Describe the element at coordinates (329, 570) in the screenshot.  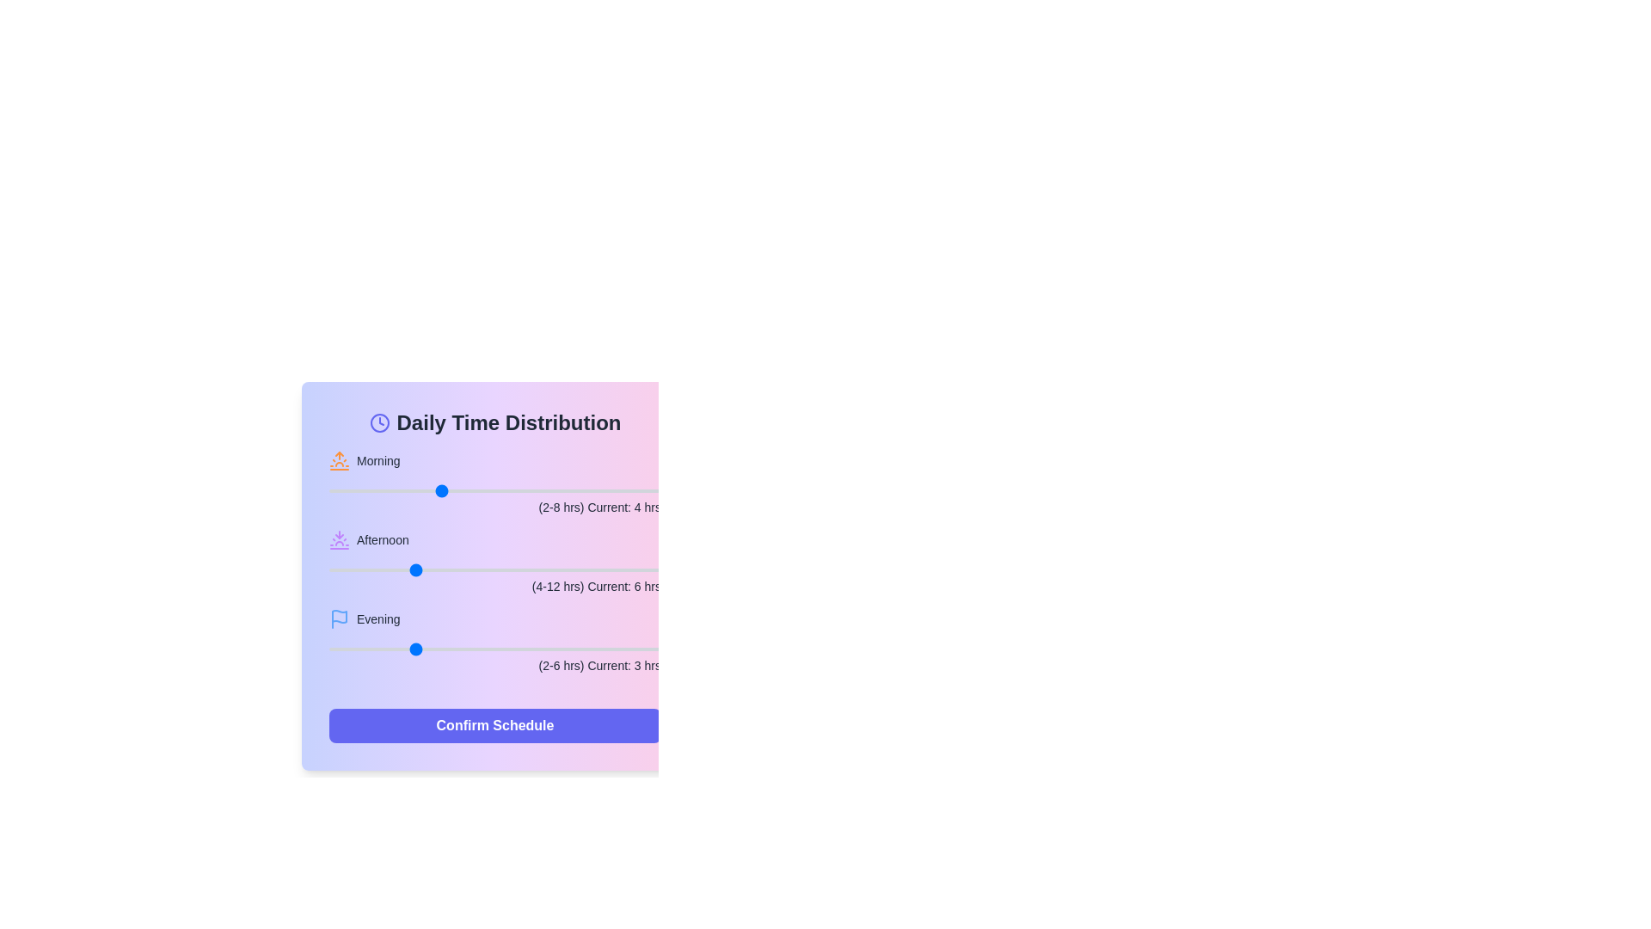
I see `the afternoon time allocation` at that location.